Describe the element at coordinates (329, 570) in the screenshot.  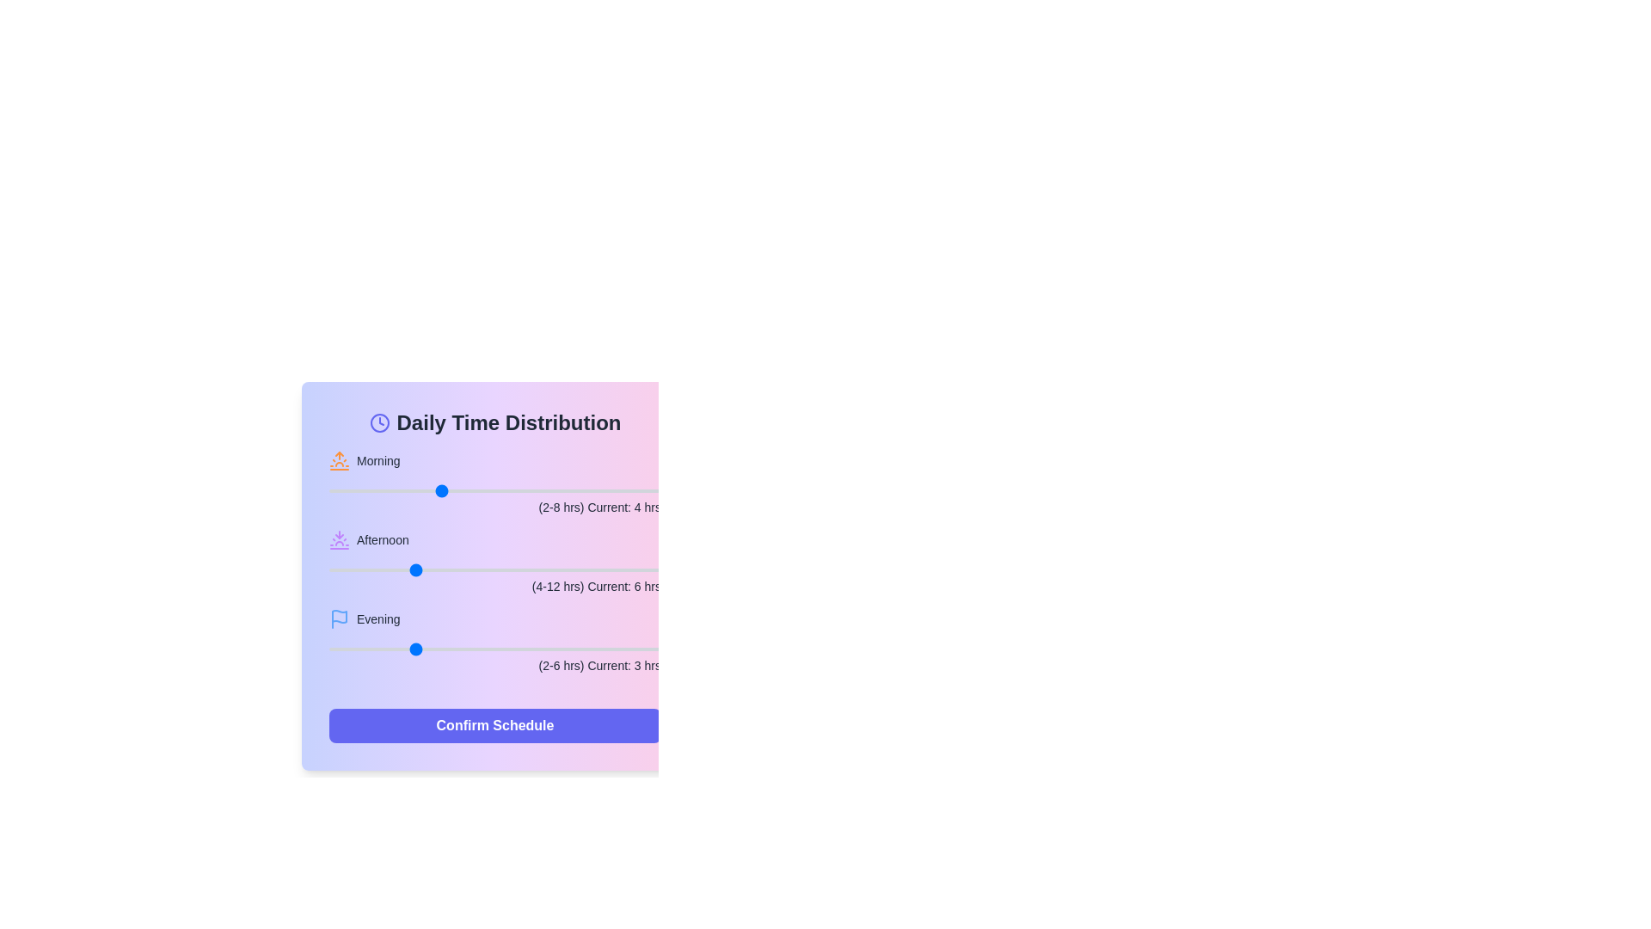
I see `the afternoon time allocation` at that location.